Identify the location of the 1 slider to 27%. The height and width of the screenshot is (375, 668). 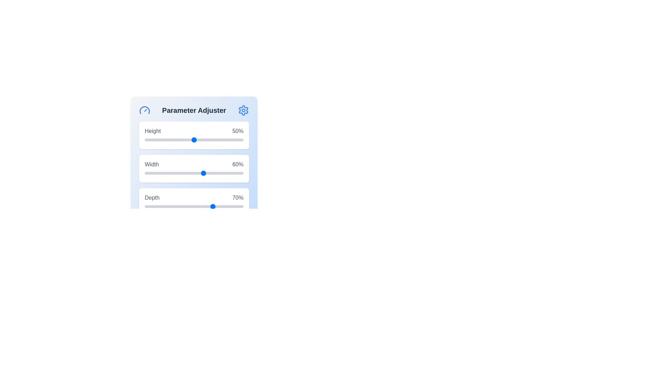
(171, 173).